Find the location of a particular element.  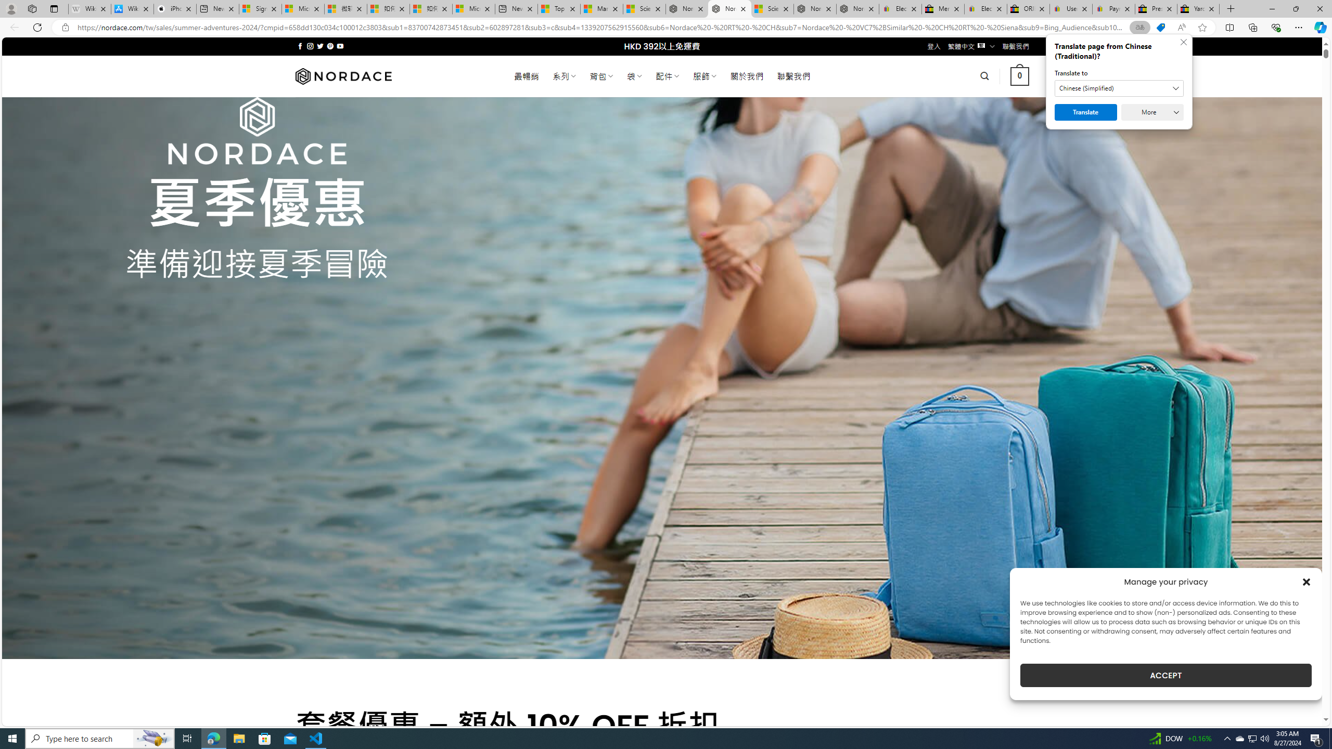

'Translate to' is located at coordinates (1119, 87).